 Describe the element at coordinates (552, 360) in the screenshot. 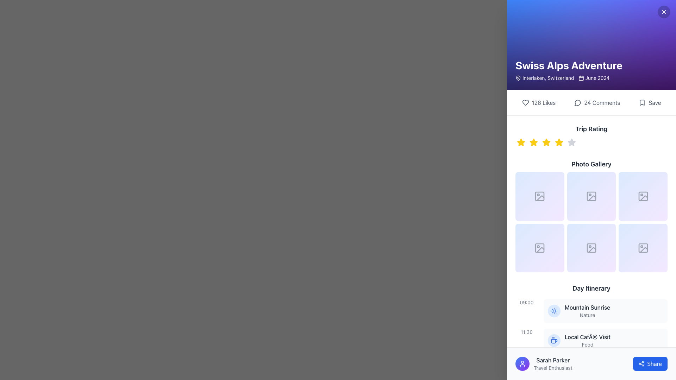

I see `the static text label displaying 'Sarah Parker', which is styled in a medium weight dark gray font and positioned above the text 'Travel Enthusiast'` at that location.